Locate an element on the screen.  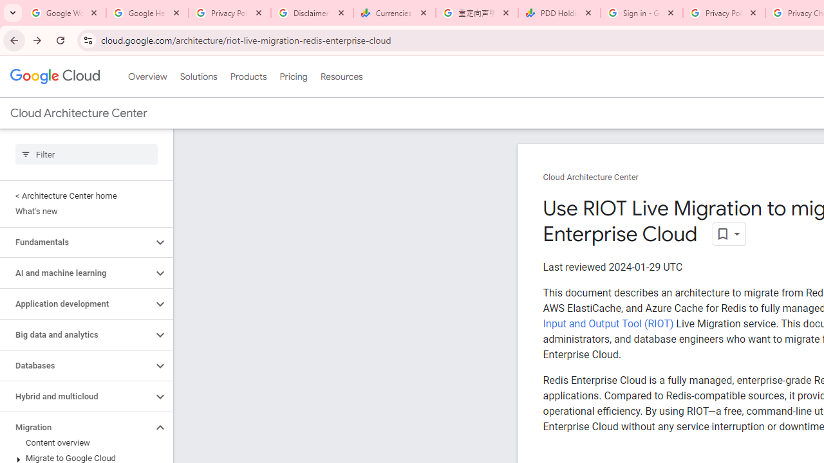
'Fundamentals' is located at coordinates (75, 242).